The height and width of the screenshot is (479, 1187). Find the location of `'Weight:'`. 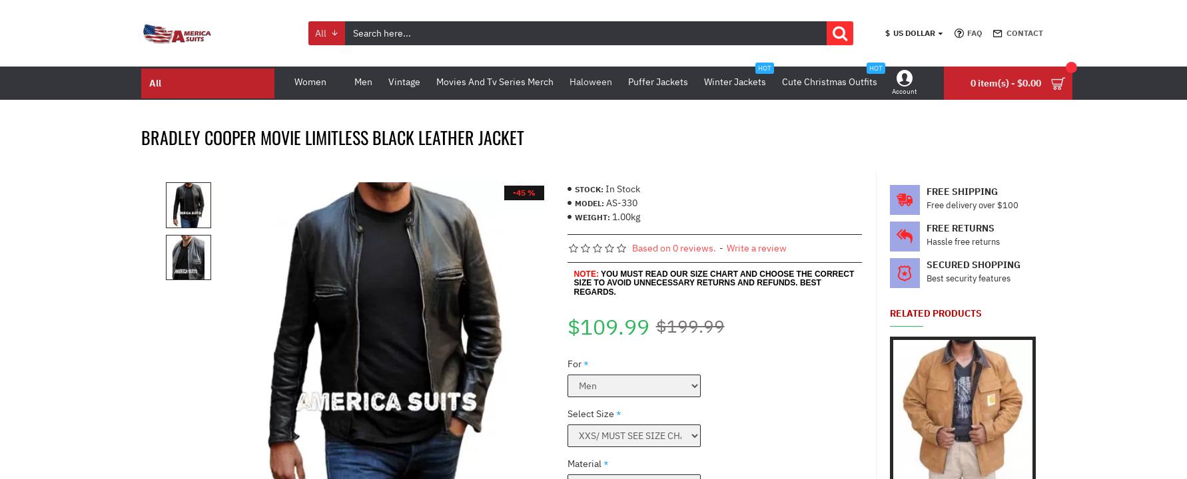

'Weight:' is located at coordinates (591, 216).